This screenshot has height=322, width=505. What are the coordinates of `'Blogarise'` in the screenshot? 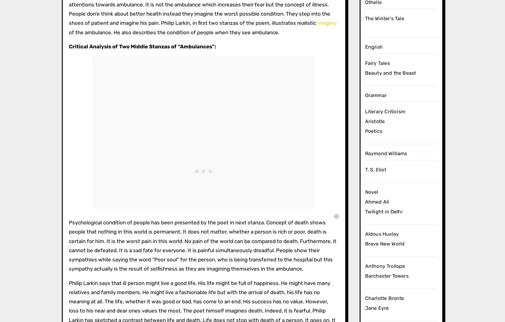 It's located at (147, 92).